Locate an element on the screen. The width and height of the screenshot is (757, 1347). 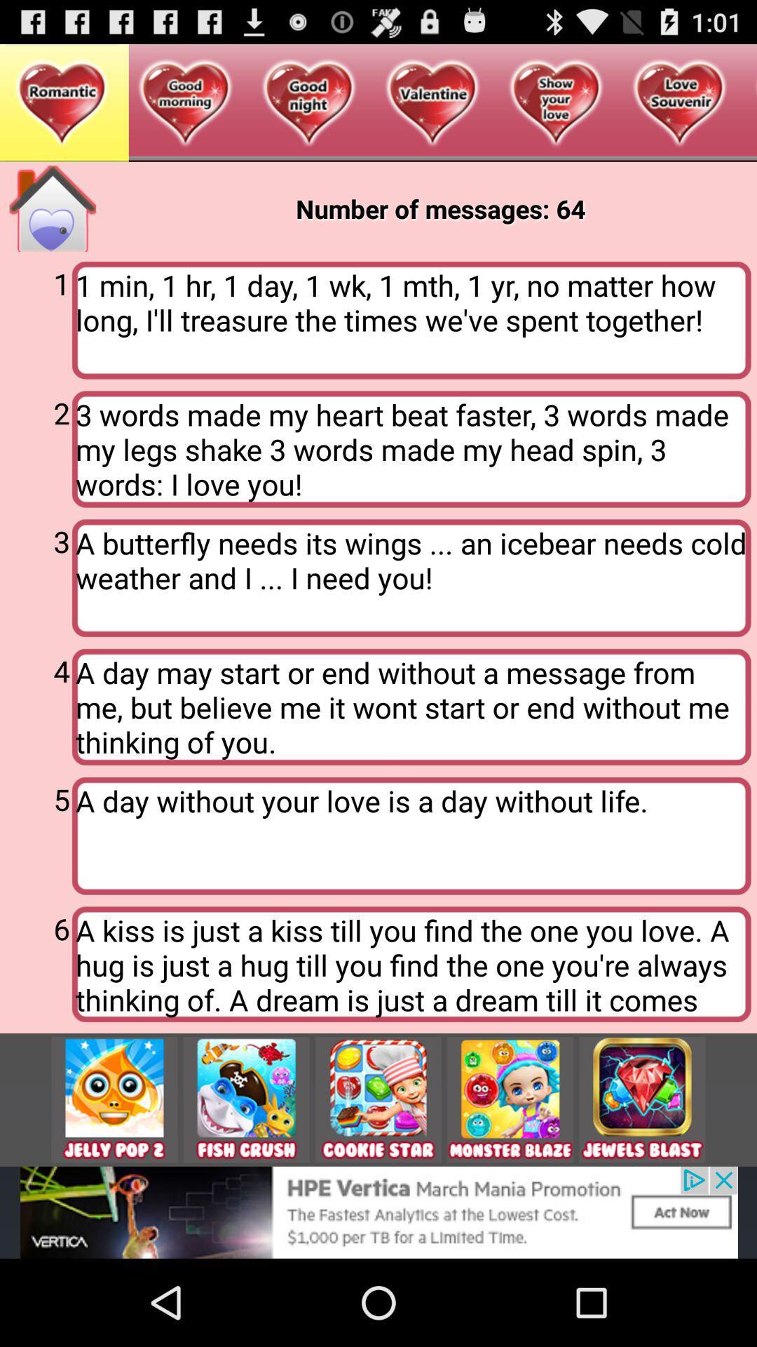
cookie star app is located at coordinates (378, 1099).